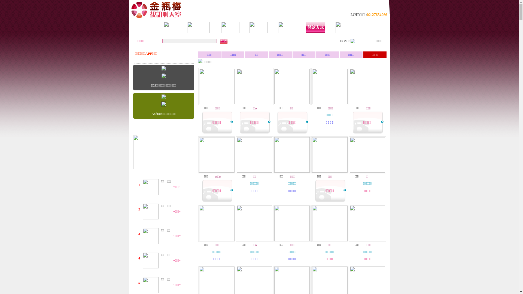  Describe the element at coordinates (344, 41) in the screenshot. I see `'HOME'` at that location.